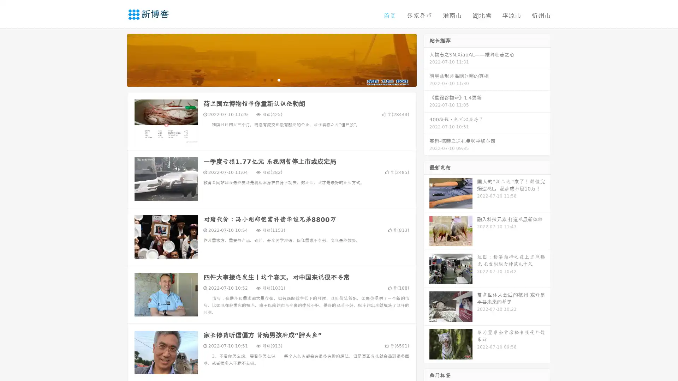 This screenshot has height=381, width=678. Describe the element at coordinates (264, 79) in the screenshot. I see `Go to slide 1` at that location.